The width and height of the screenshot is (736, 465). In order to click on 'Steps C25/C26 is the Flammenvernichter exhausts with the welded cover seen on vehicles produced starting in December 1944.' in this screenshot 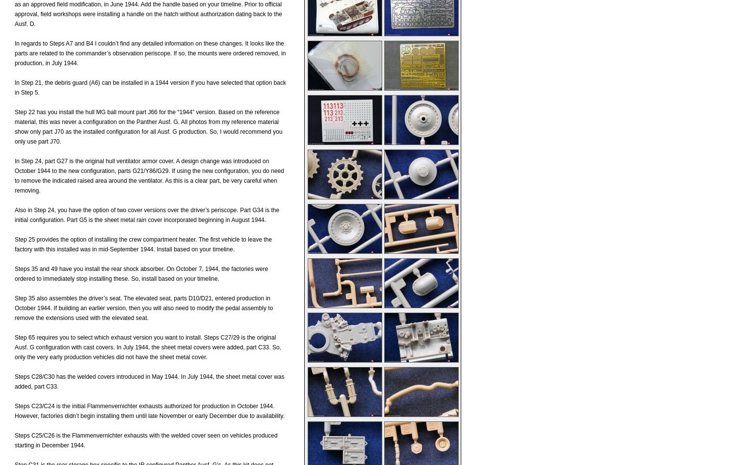, I will do `click(15, 440)`.